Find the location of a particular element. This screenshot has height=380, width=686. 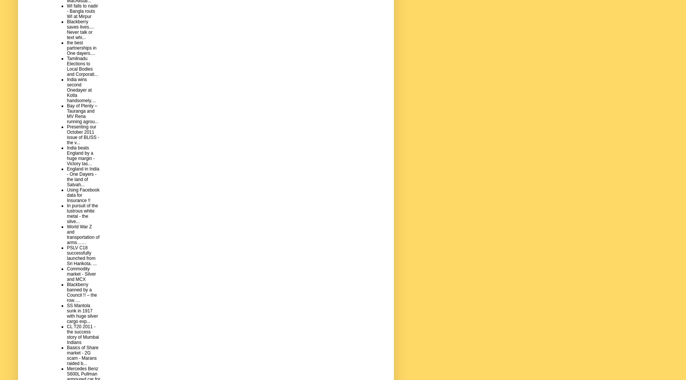

'Presenting our October 2011 issue of BLISS - the v...' is located at coordinates (83, 134).